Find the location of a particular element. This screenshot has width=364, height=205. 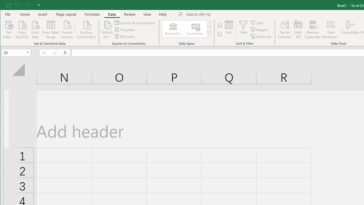

'From Table/Range' is located at coordinates (51, 29).